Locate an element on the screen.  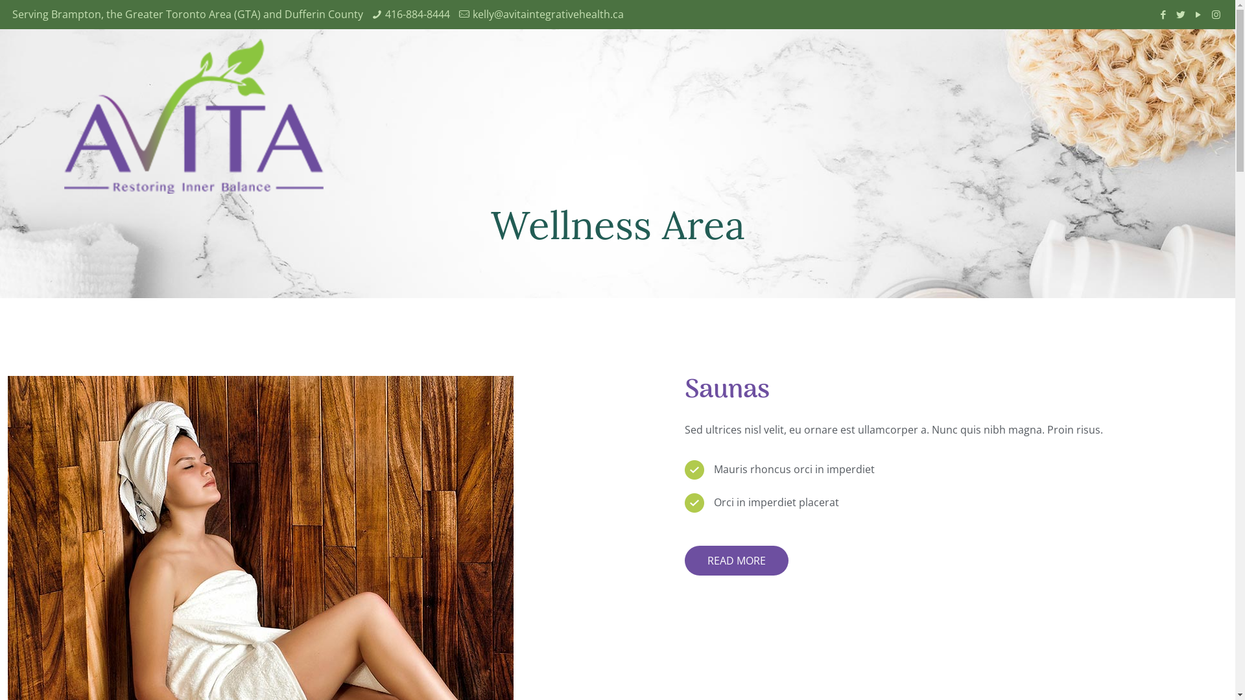
'416-884-8444' is located at coordinates (385, 14).